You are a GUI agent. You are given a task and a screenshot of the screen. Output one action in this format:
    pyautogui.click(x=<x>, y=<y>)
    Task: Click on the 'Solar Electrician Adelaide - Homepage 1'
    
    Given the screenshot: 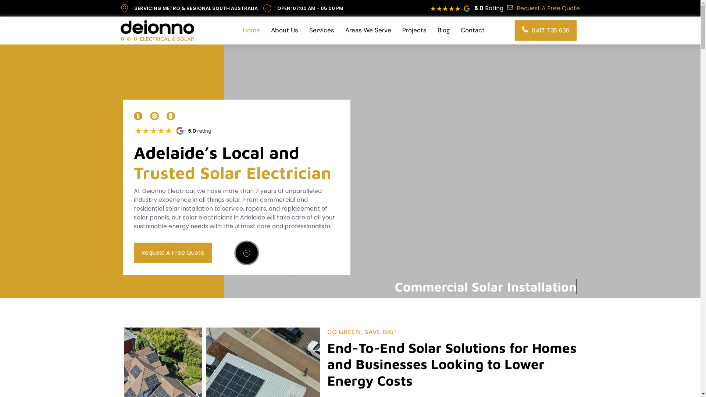 What is the action you would take?
    pyautogui.click(x=134, y=116)
    